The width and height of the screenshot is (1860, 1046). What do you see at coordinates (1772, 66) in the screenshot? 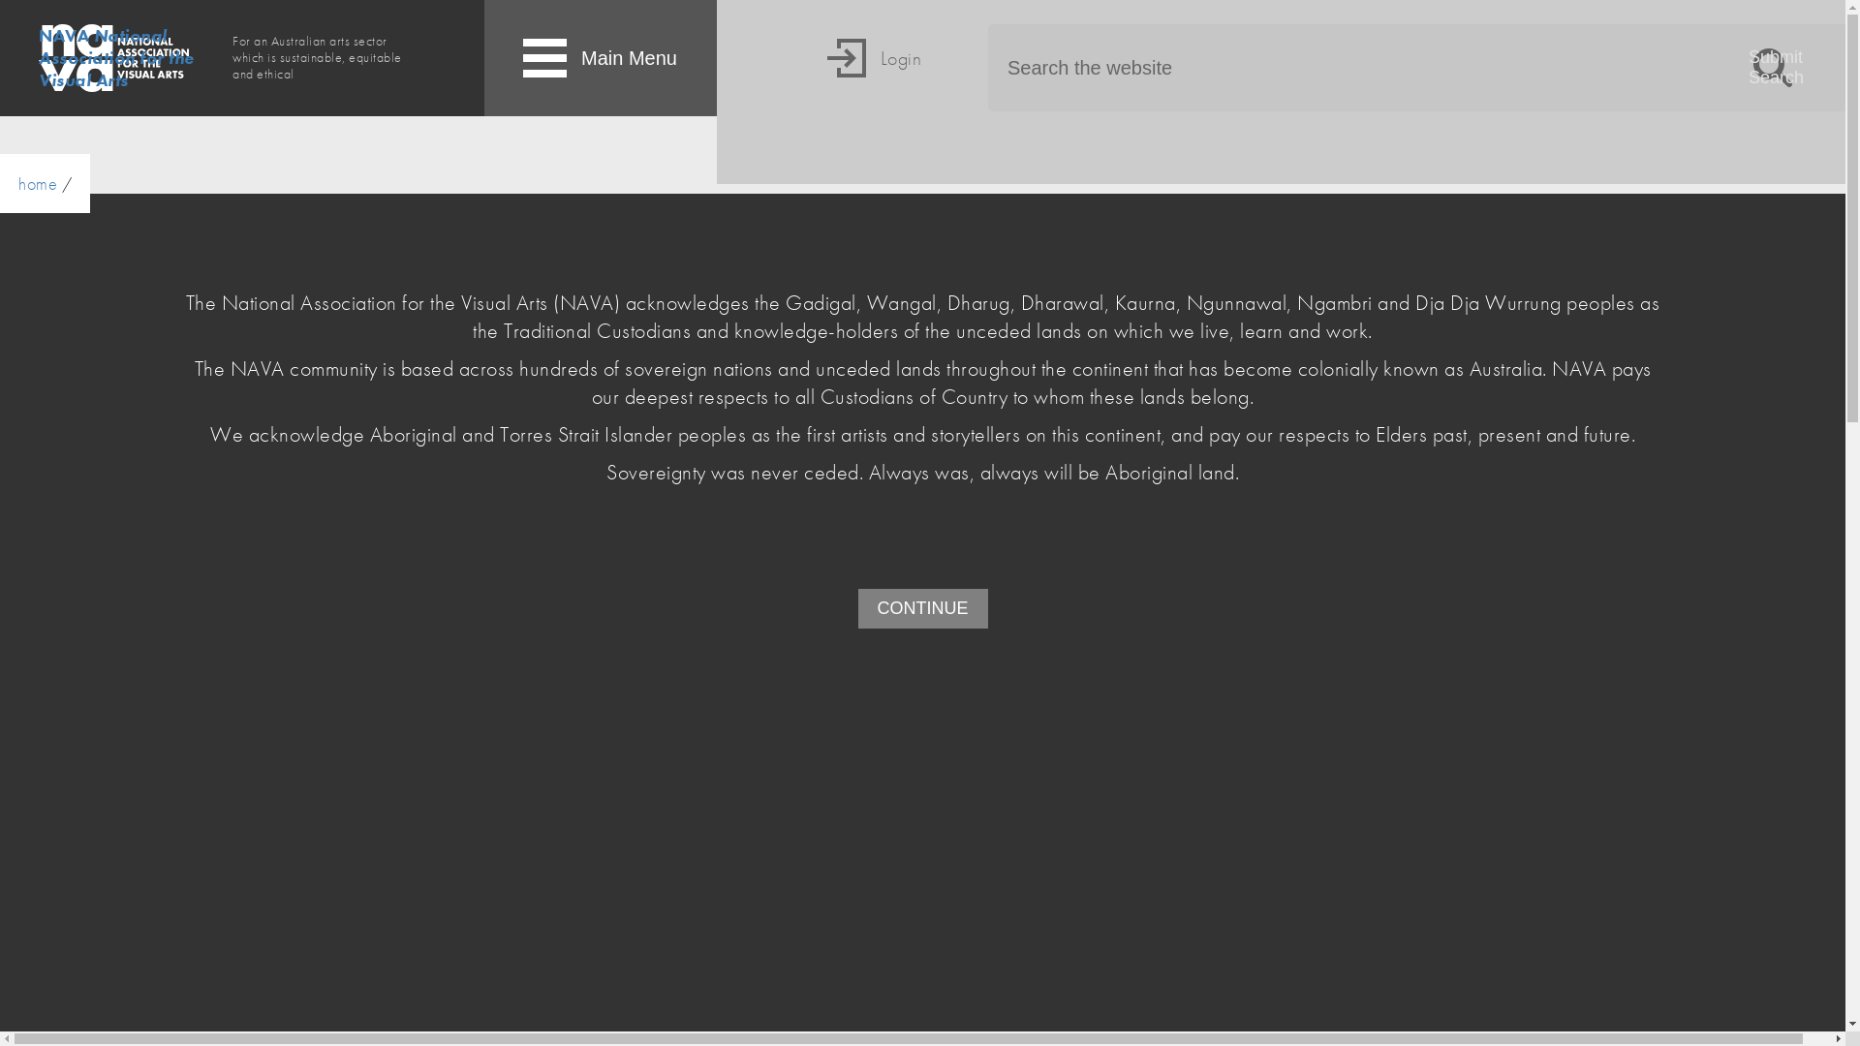
I see `'Submit Search'` at bounding box center [1772, 66].